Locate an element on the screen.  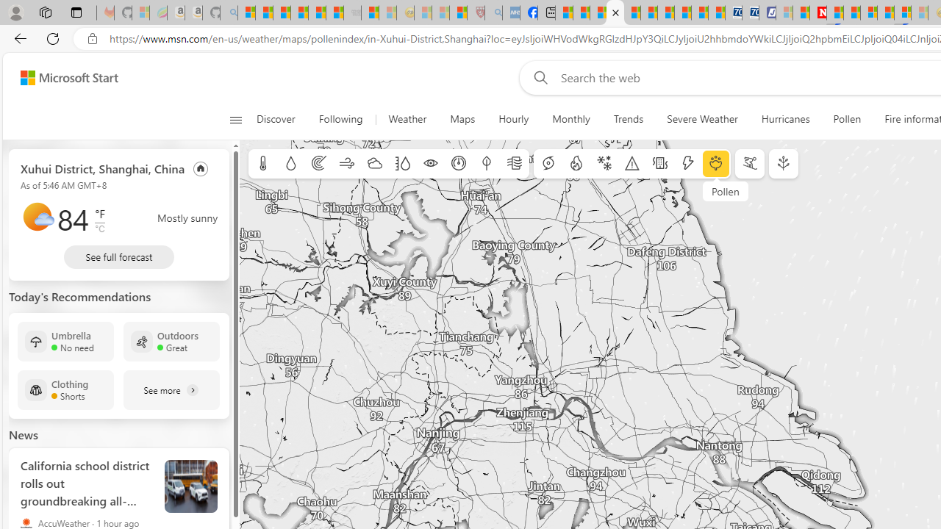
'Set as primary location' is located at coordinates (200, 168).